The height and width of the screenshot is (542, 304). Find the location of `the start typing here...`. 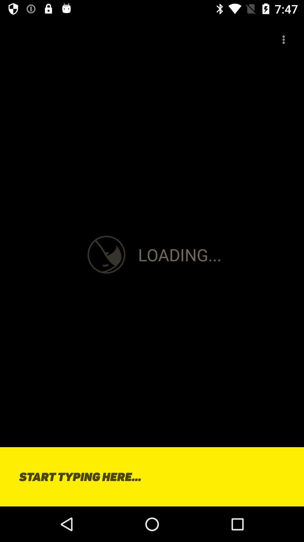

the start typing here... is located at coordinates (152, 477).